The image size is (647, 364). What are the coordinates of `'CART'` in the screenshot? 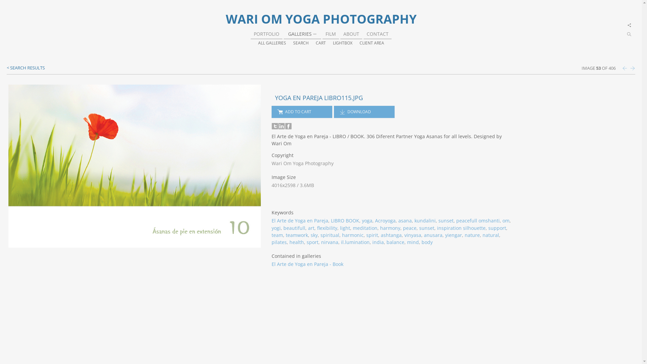 It's located at (320, 43).